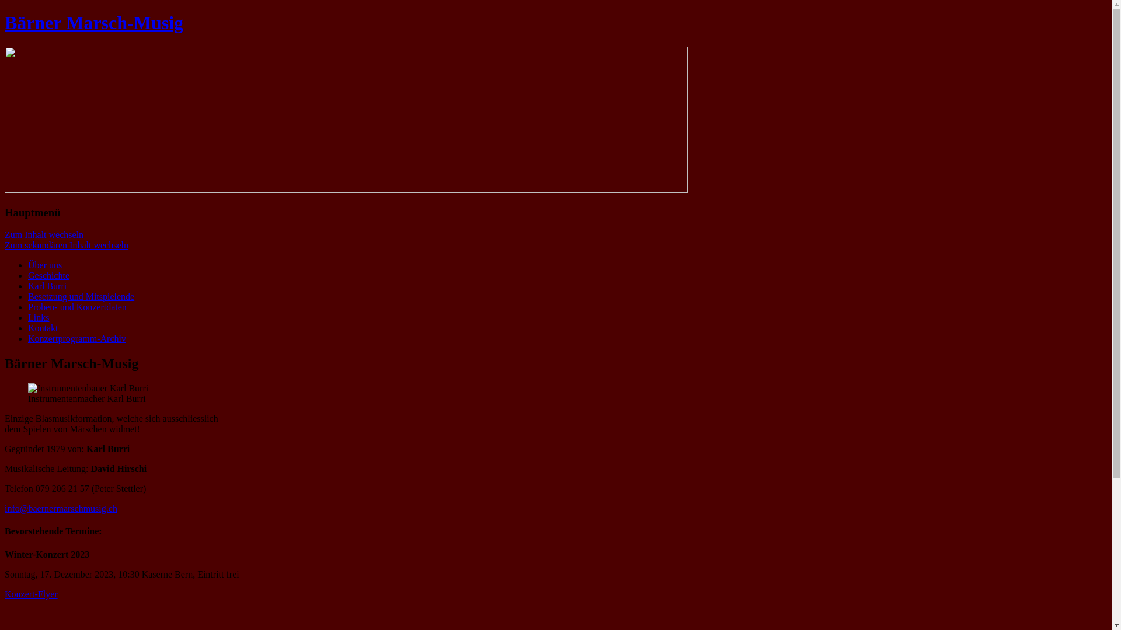  I want to click on 'info@baernermarschmusig.ch', so click(60, 508).